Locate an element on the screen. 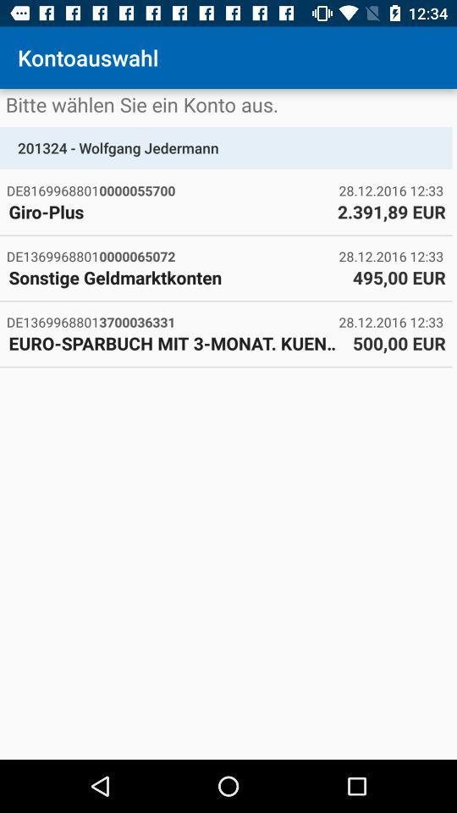 The height and width of the screenshot is (813, 457). 201324 - wolfgang jedermann item is located at coordinates (226, 147).